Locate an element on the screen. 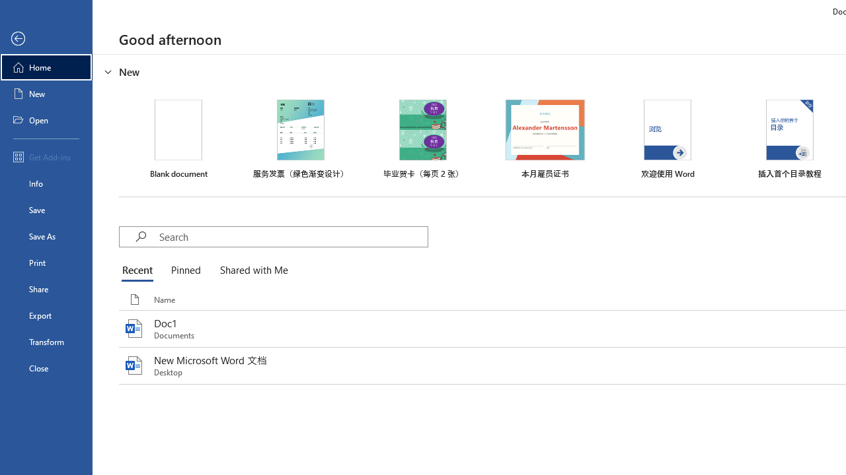 The height and width of the screenshot is (475, 846). 'New' is located at coordinates (46, 92).